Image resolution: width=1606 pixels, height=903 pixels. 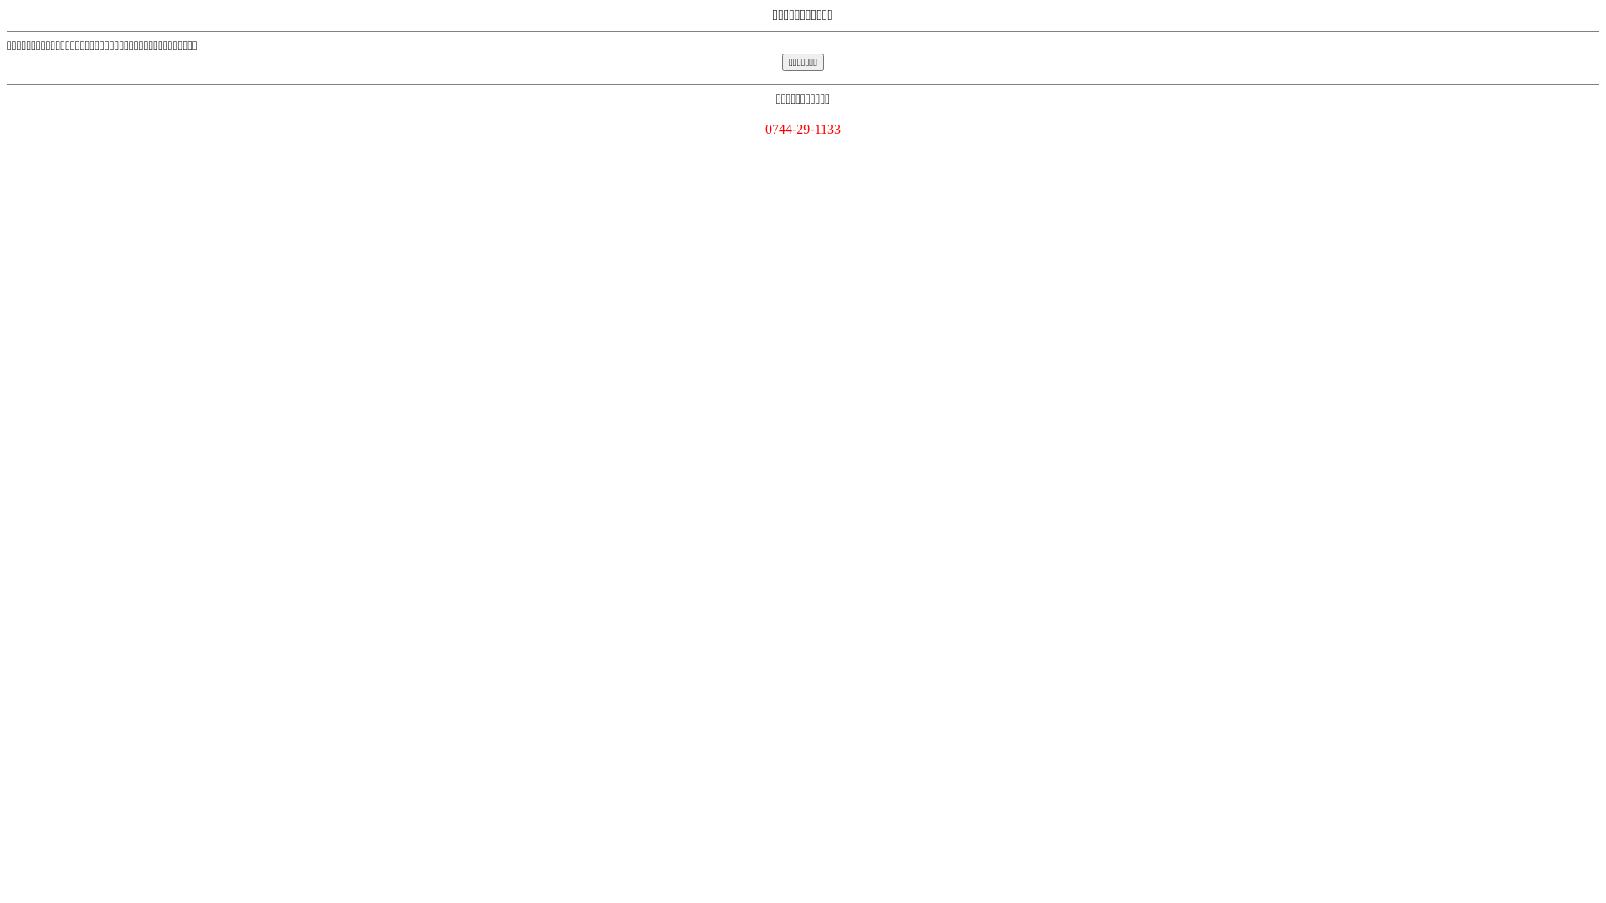 What do you see at coordinates (803, 128) in the screenshot?
I see `'0744-29-1133'` at bounding box center [803, 128].